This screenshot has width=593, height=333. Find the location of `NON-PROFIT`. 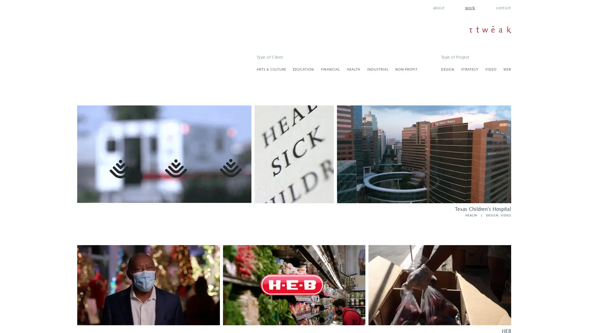

NON-PROFIT is located at coordinates (406, 69).